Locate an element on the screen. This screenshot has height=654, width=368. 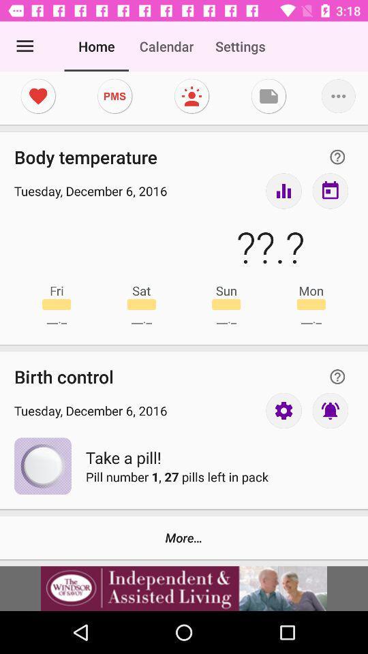
tour option is located at coordinates (283, 190).